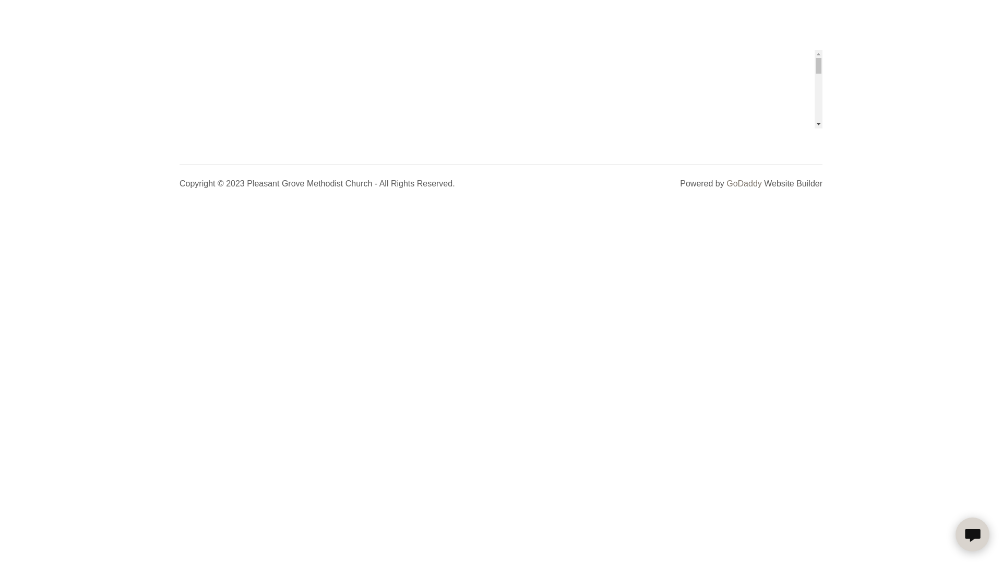  I want to click on 'GoDaddy', so click(743, 183).